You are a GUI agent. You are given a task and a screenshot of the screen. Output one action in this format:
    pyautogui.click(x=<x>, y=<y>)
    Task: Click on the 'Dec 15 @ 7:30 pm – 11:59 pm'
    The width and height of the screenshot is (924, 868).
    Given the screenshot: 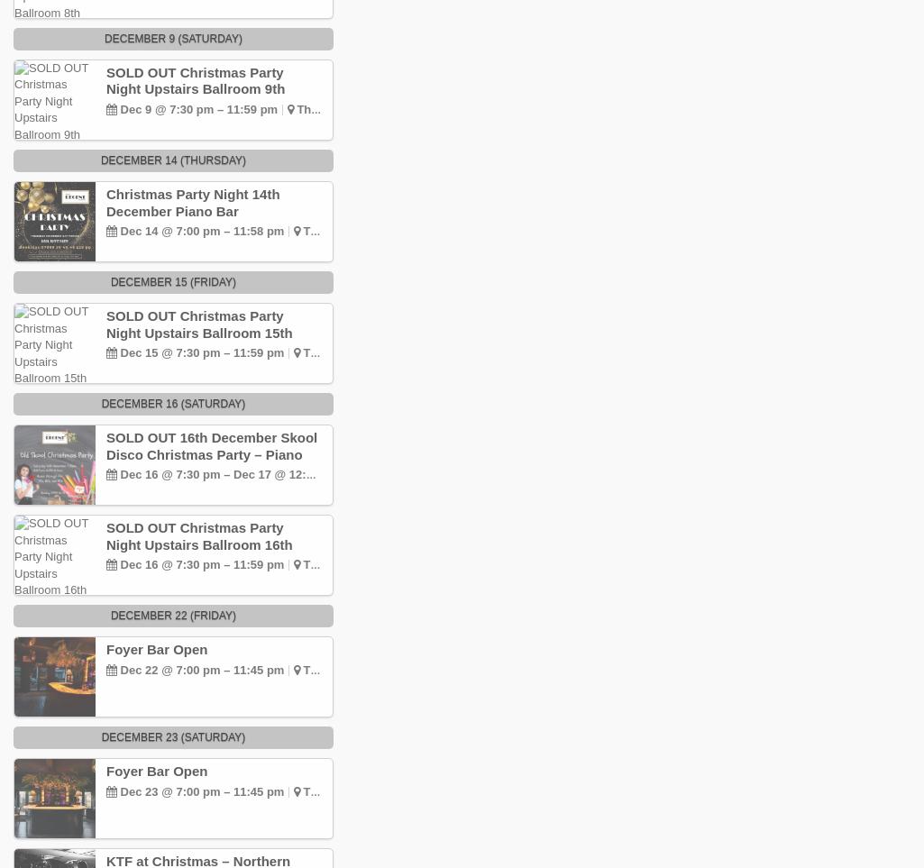 What is the action you would take?
    pyautogui.click(x=116, y=352)
    